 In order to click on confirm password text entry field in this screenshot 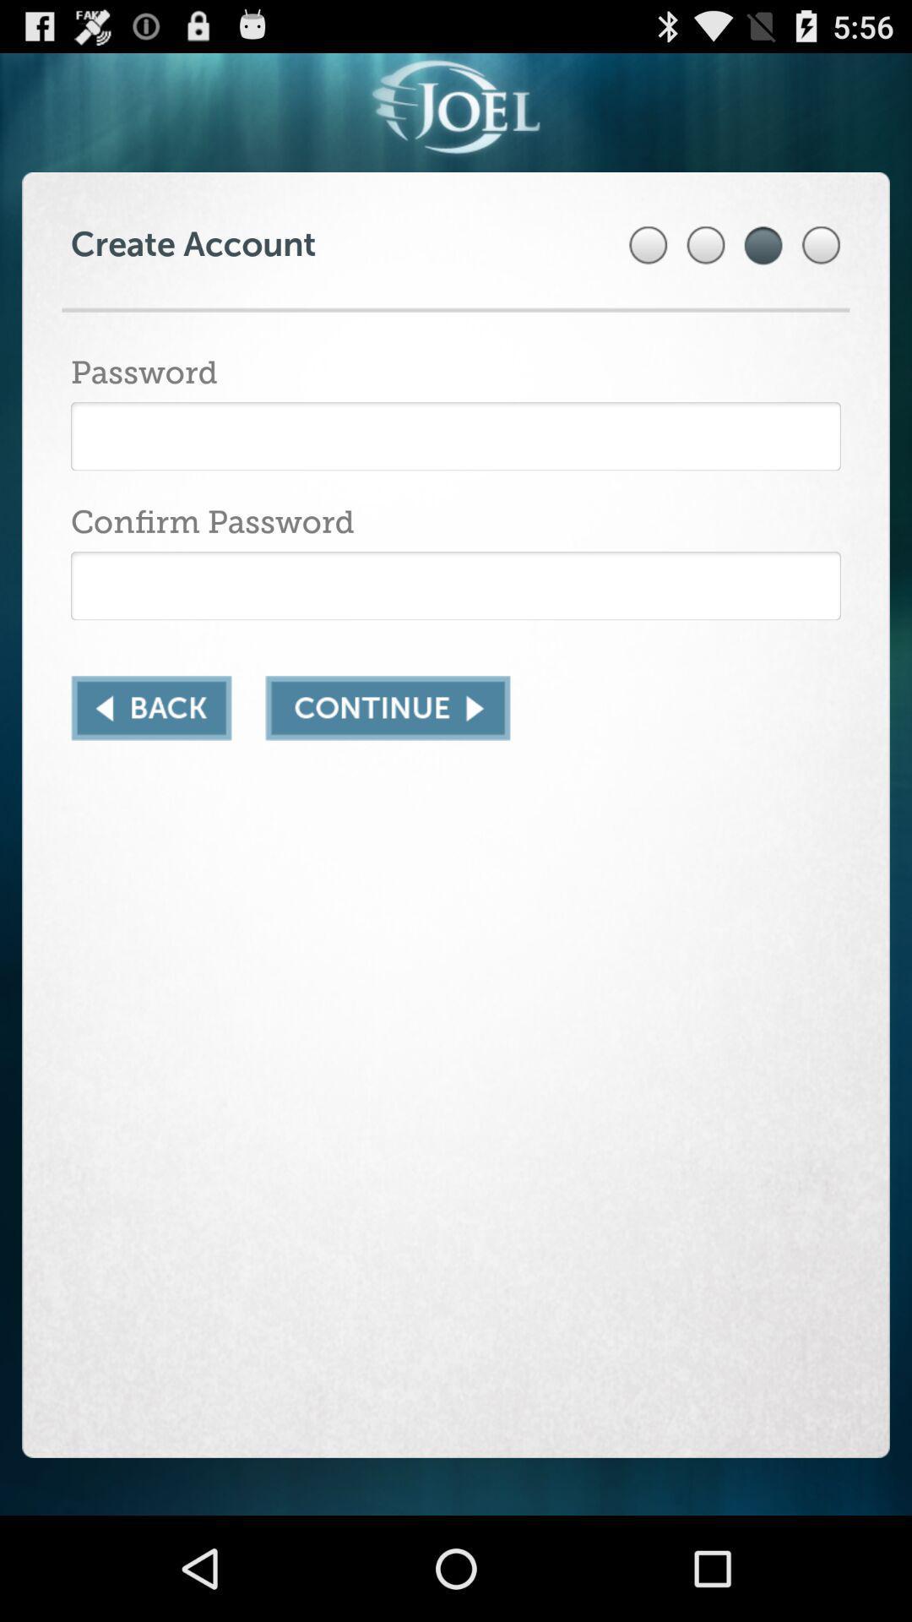, I will do `click(456, 585)`.